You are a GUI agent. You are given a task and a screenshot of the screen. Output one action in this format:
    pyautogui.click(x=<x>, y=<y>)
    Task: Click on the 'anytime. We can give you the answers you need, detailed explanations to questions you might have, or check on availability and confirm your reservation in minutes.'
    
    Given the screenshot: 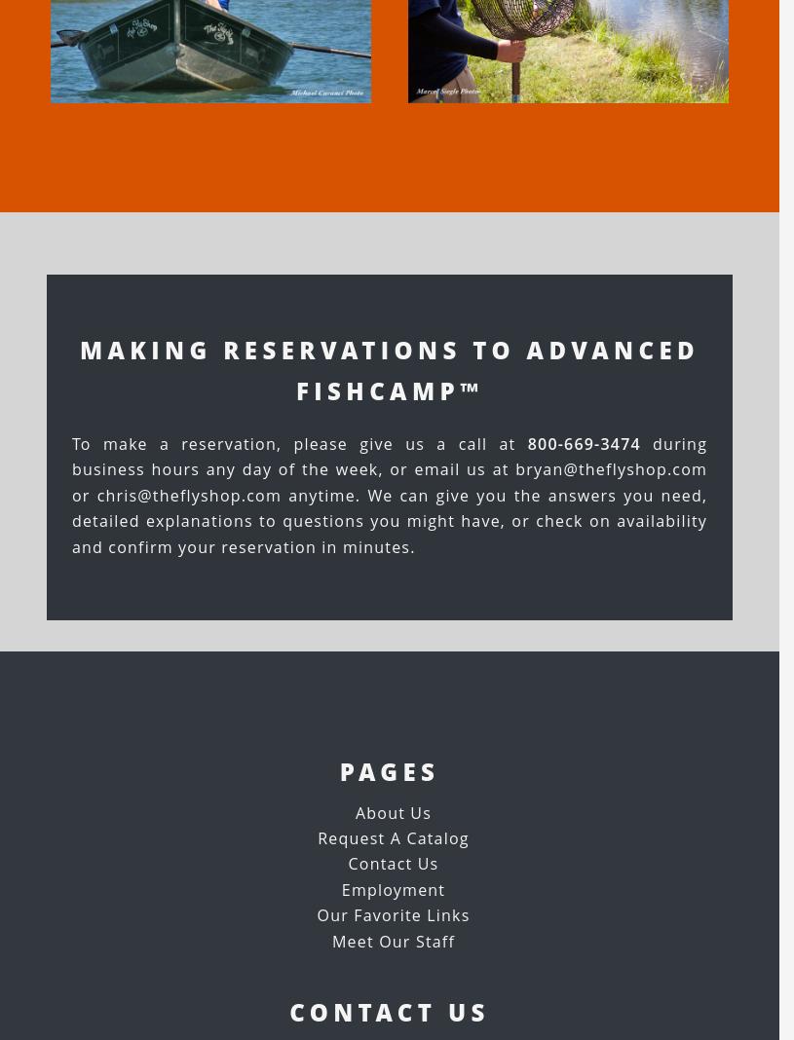 What is the action you would take?
    pyautogui.click(x=388, y=520)
    